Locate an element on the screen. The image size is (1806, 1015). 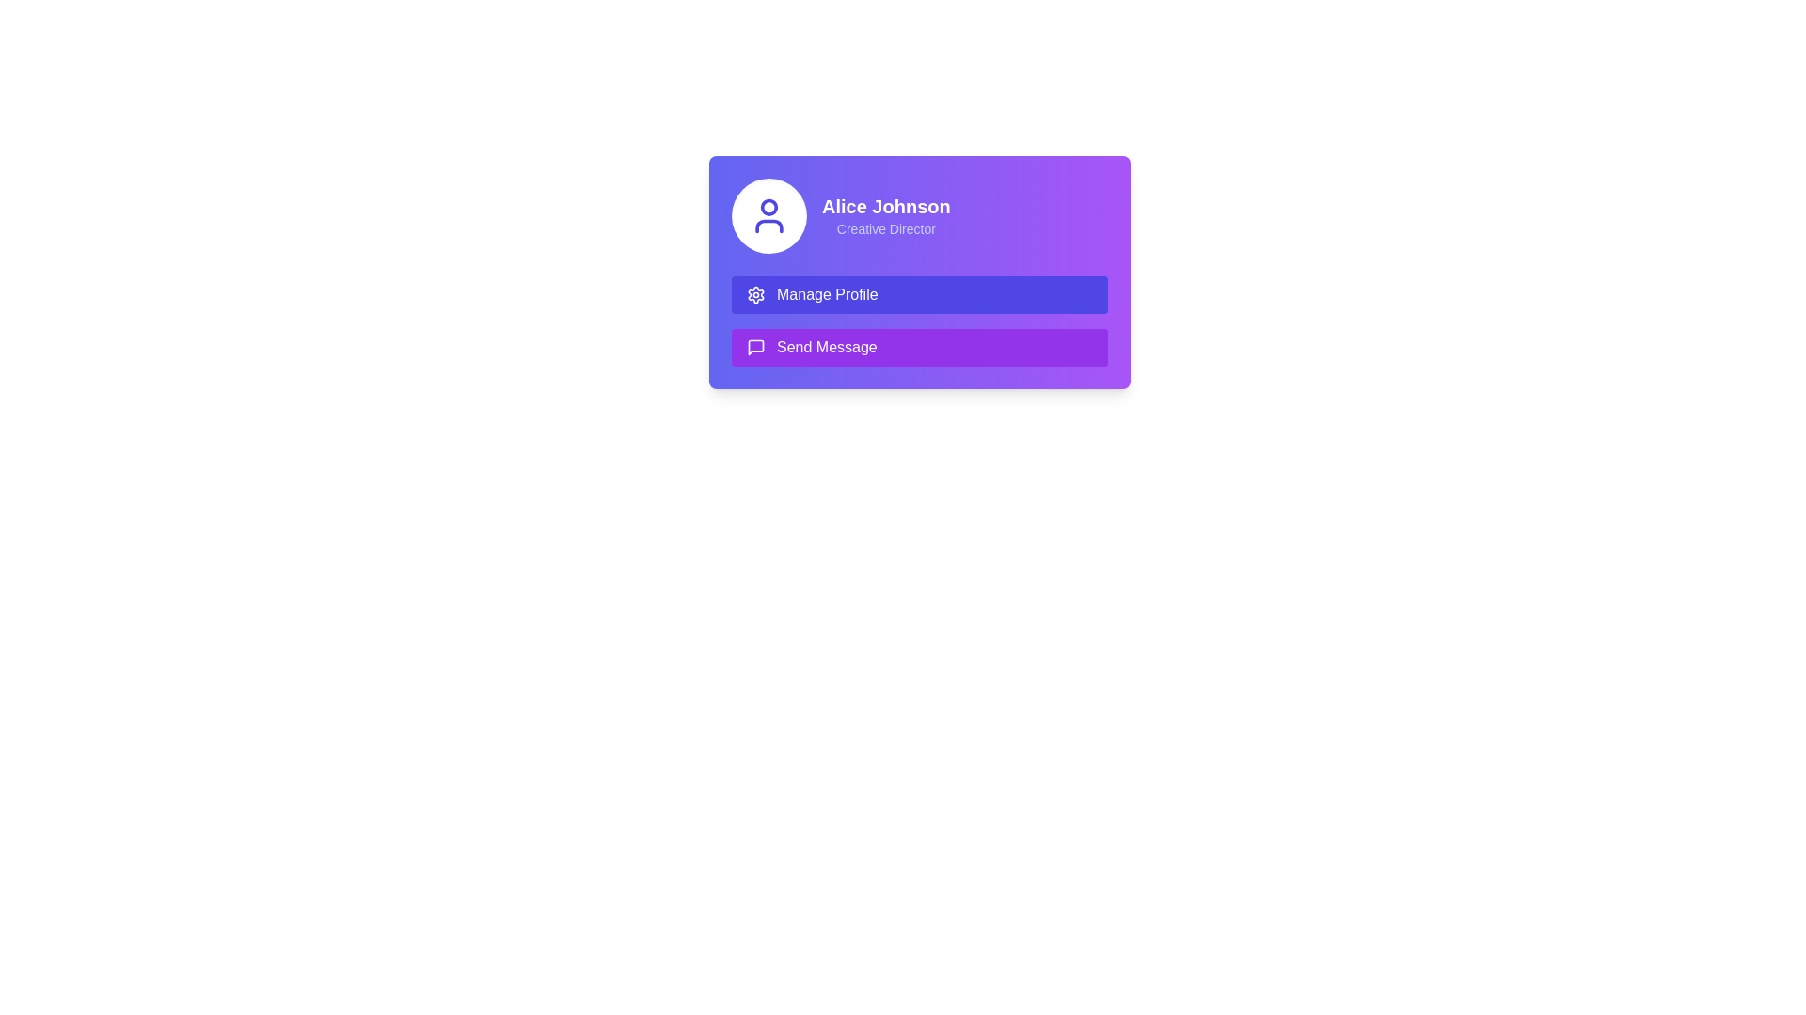
the bold, white text label displaying 'Alice Johnson' which is located in a rectangular card UI component near the top-left corner, above the text 'Creative Director' is located at coordinates (884, 206).